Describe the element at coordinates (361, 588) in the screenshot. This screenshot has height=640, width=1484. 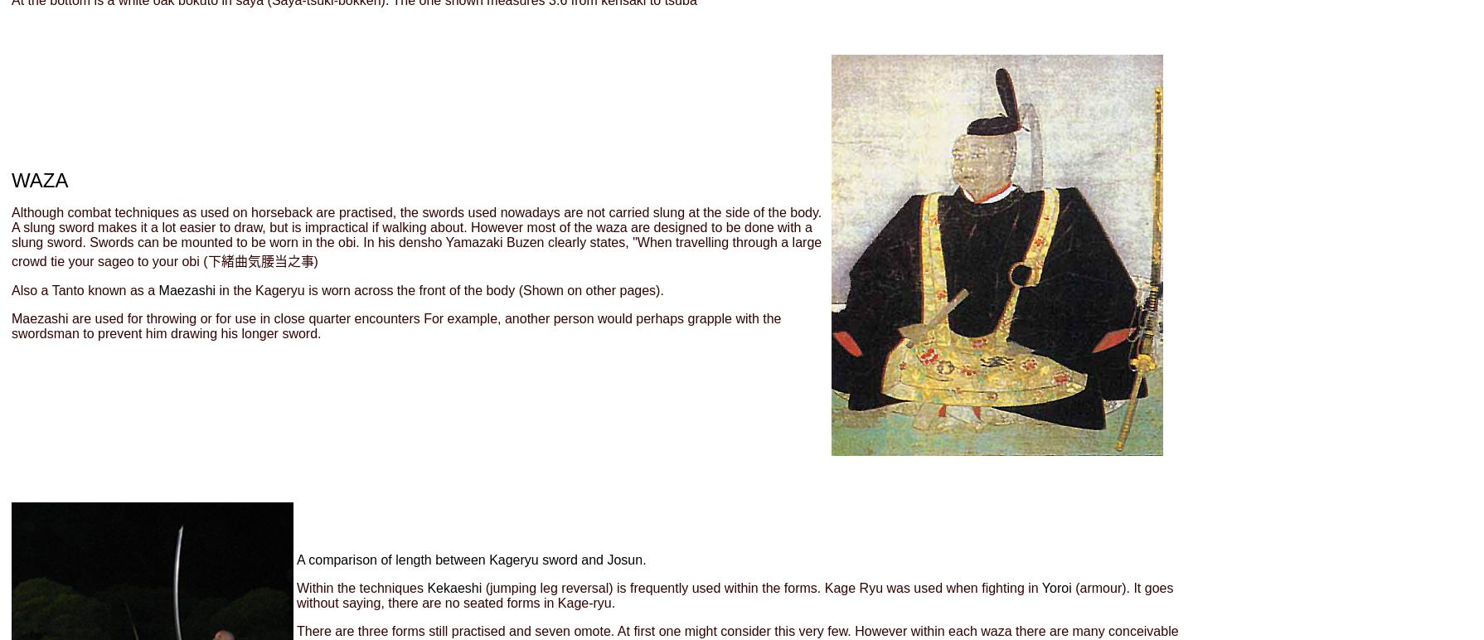
I see `'Within the techniques'` at that location.